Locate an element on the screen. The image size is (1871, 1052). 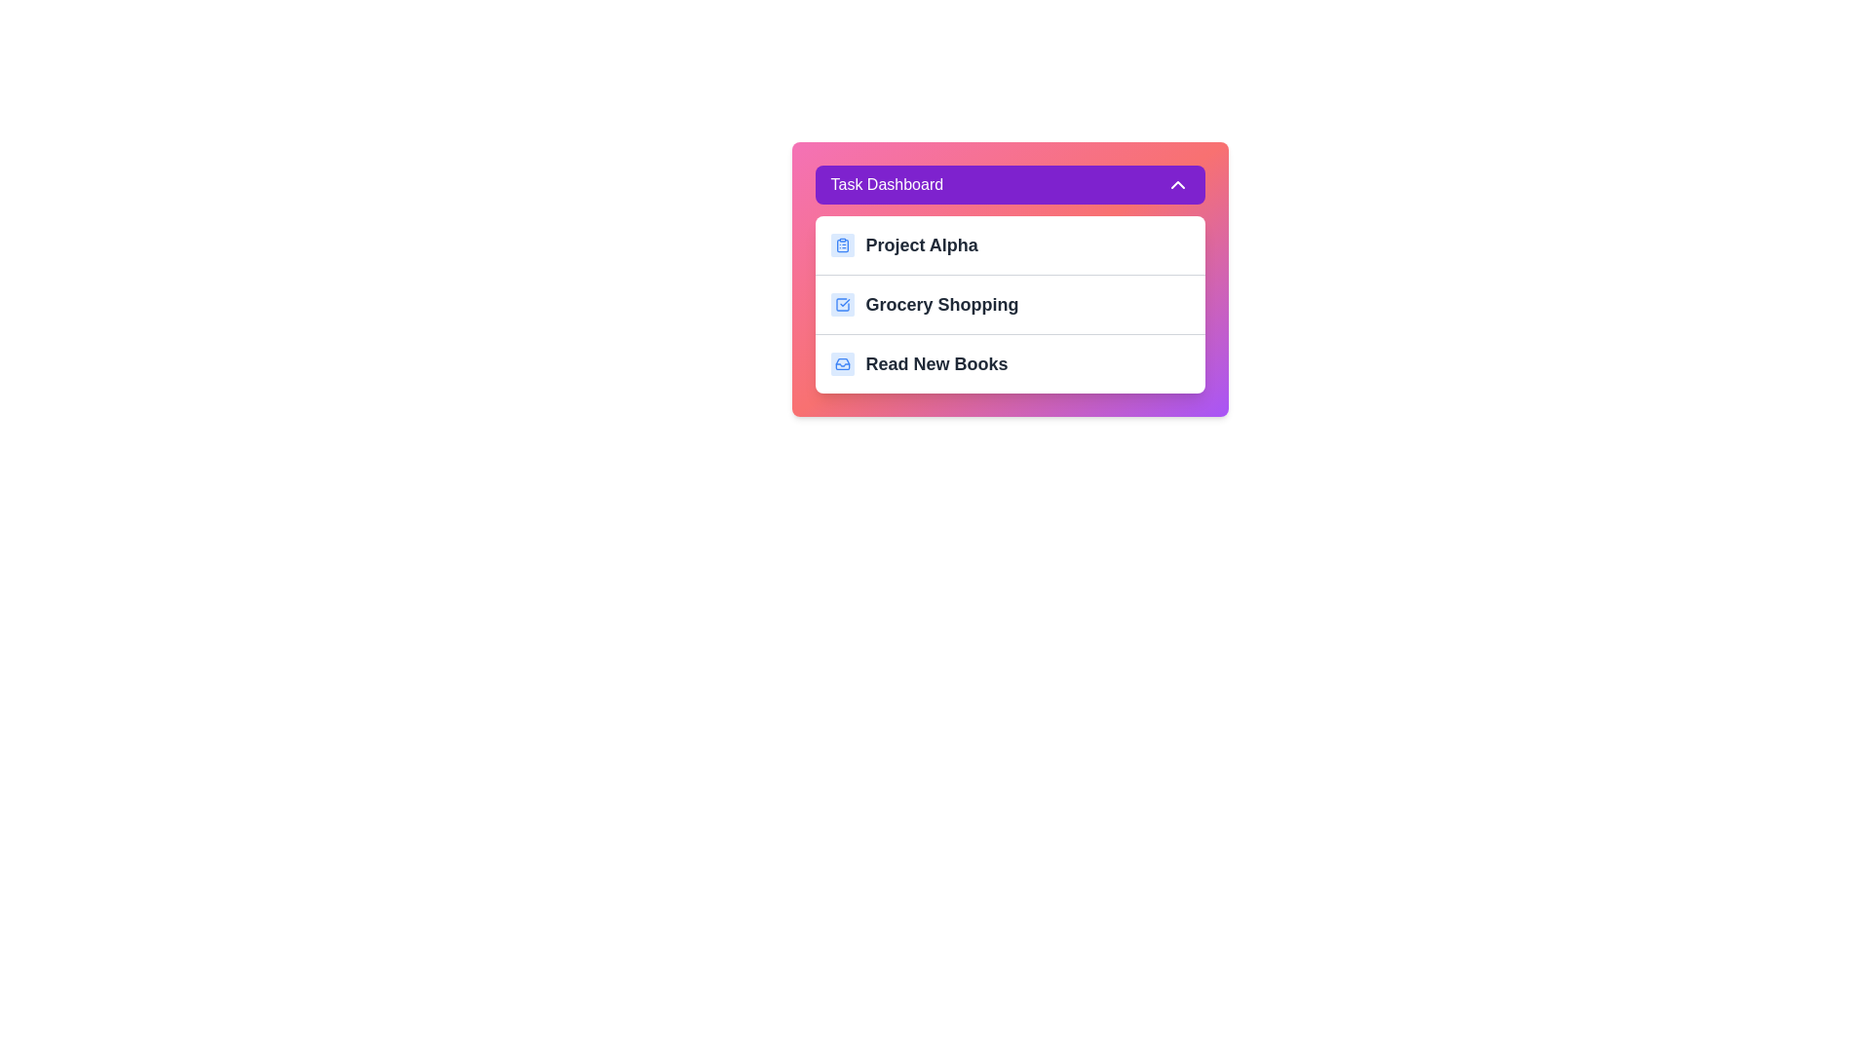
the blue checkmark SVG icon is located at coordinates (842, 304).